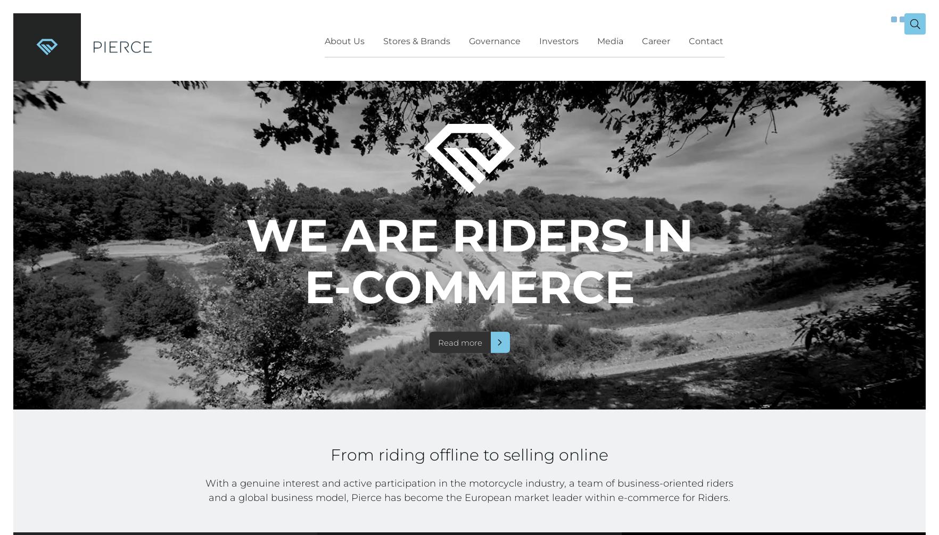 The width and height of the screenshot is (939, 535). I want to click on 'Ride & Sons', so click(466, 227).